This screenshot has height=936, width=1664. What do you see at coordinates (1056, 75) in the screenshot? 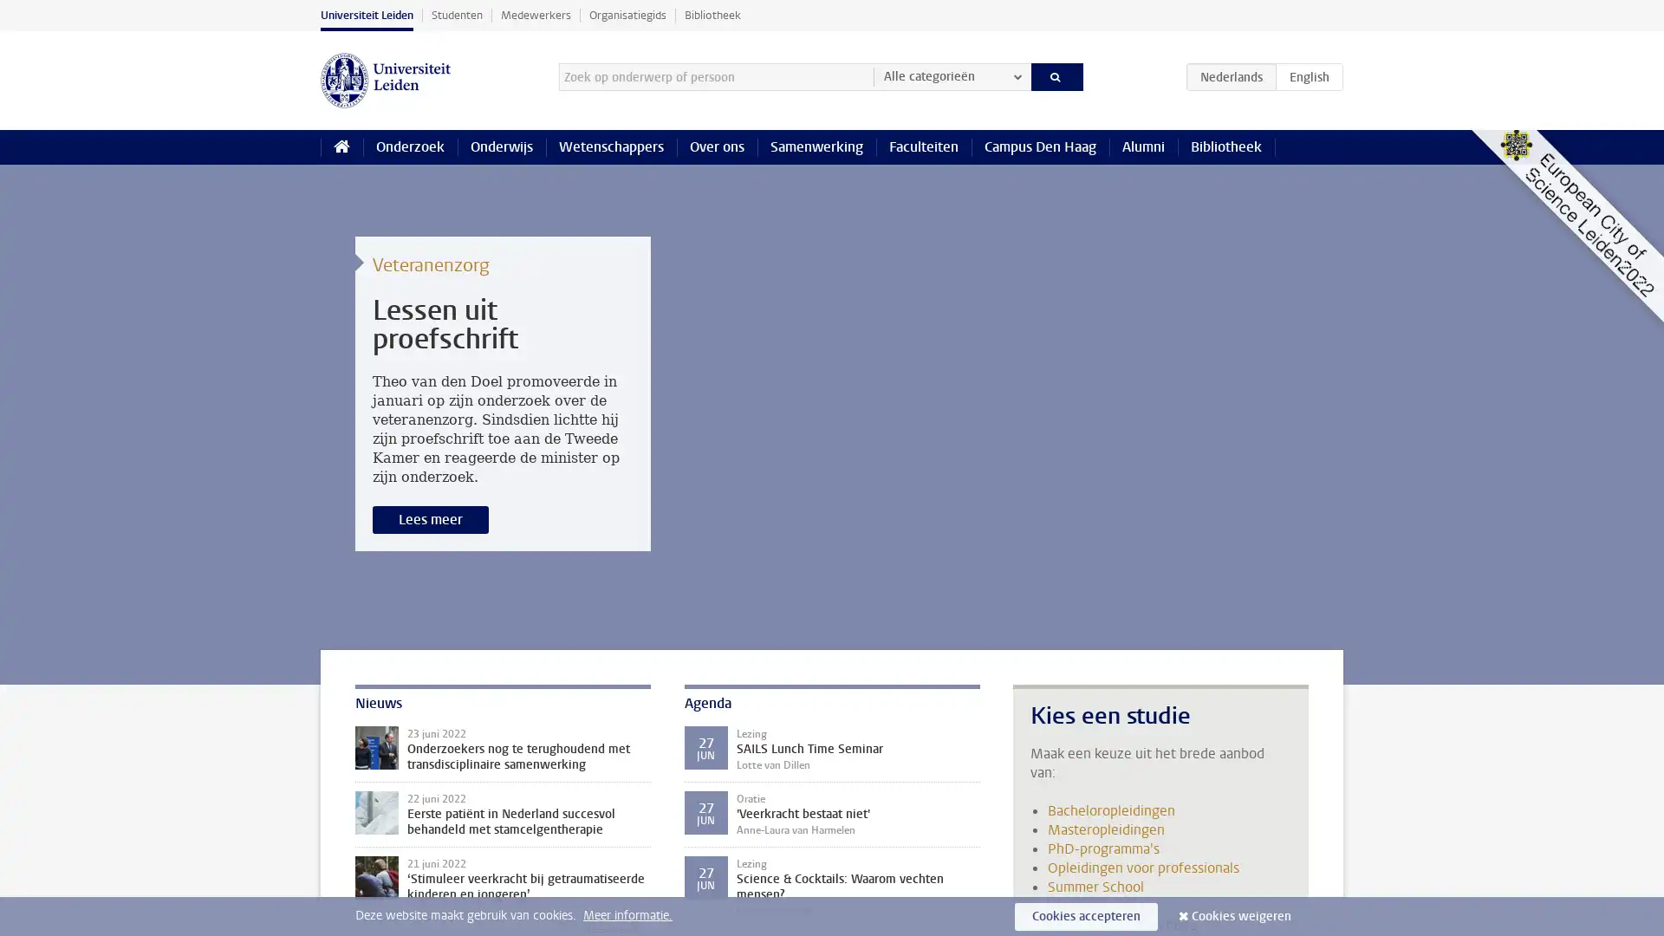
I see `Zoeken` at bounding box center [1056, 75].